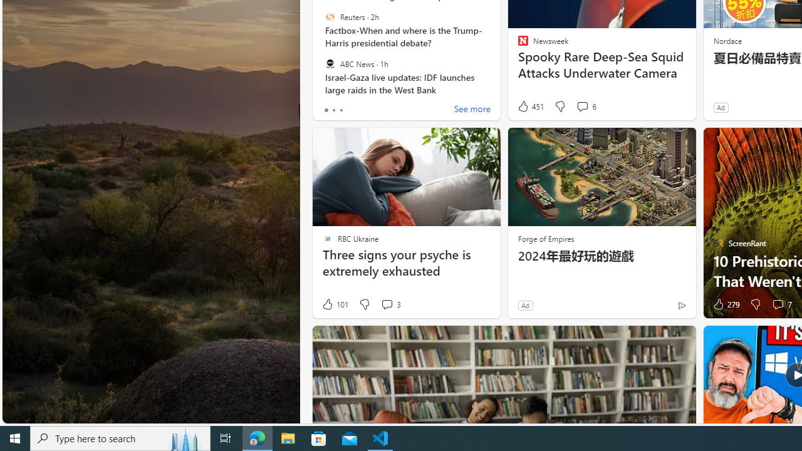 The width and height of the screenshot is (802, 451). Describe the element at coordinates (777, 304) in the screenshot. I see `'View comments 7 Comment'` at that location.